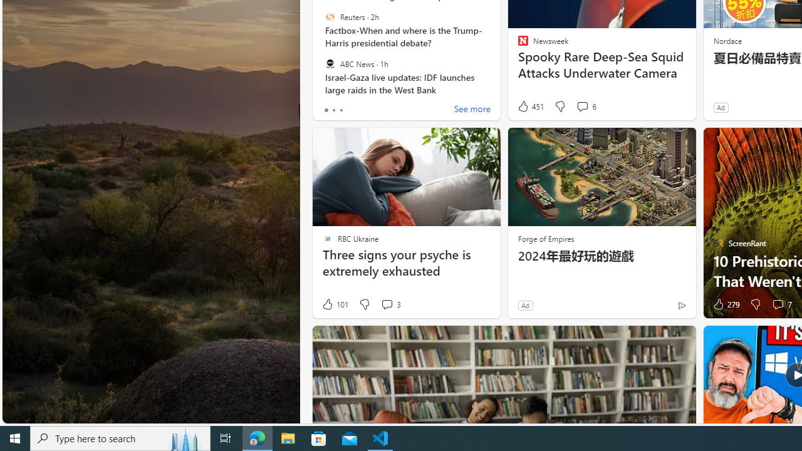 The width and height of the screenshot is (802, 451). Describe the element at coordinates (777, 304) in the screenshot. I see `'View comments 7 Comment'` at that location.